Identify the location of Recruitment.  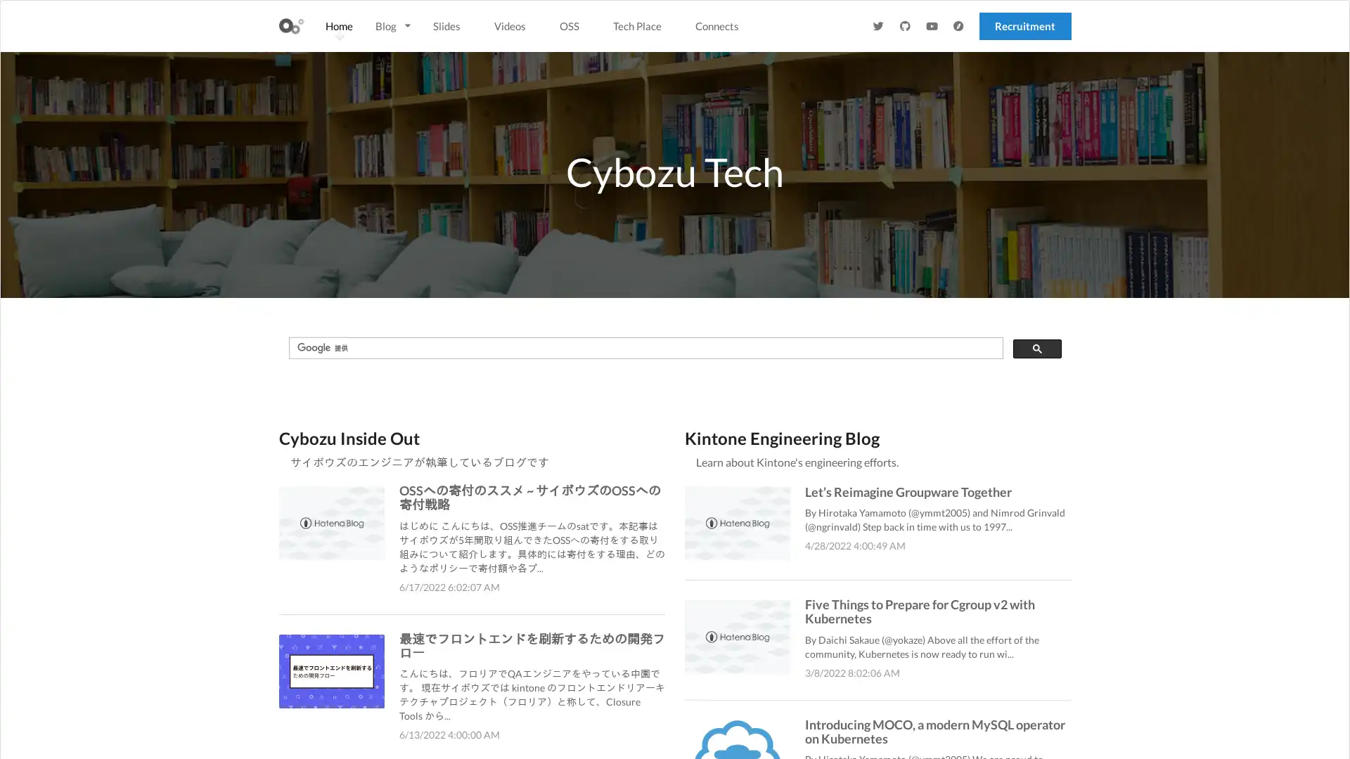
(1024, 26).